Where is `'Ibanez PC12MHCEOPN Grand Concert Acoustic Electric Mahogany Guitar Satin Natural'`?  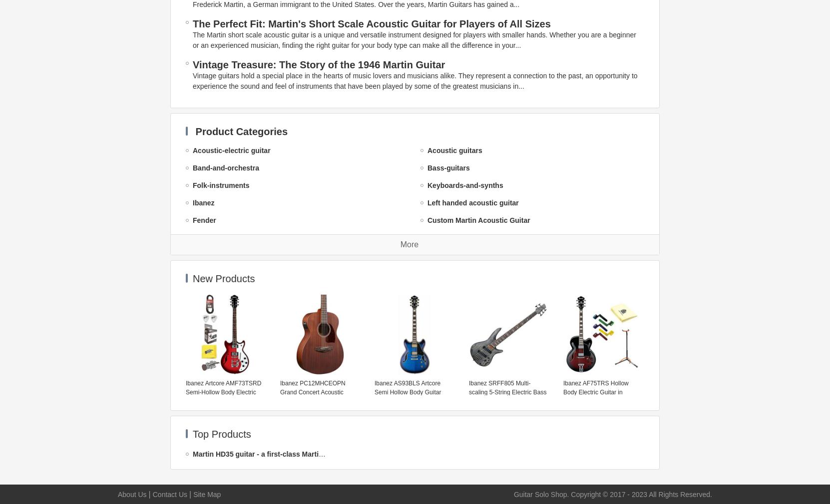 'Ibanez PC12MHCEOPN Grand Concert Acoustic Electric Mahogany Guitar Satin Natural' is located at coordinates (279, 396).